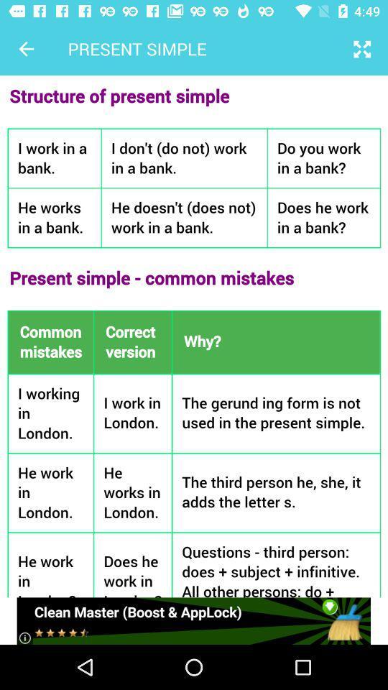 The height and width of the screenshot is (690, 388). I want to click on present simple page, so click(194, 336).